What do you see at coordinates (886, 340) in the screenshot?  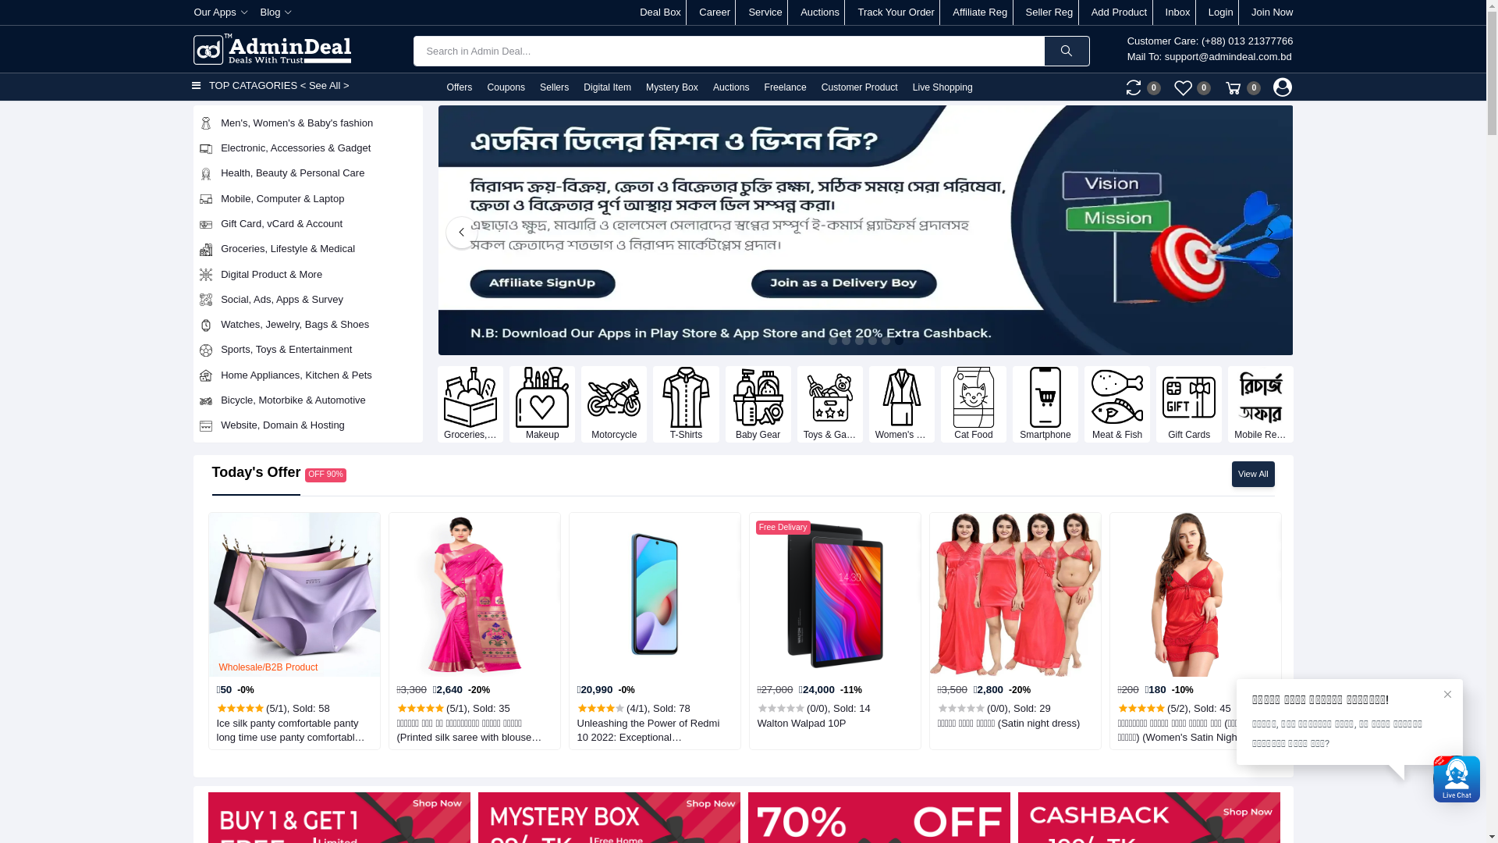 I see `'5'` at bounding box center [886, 340].